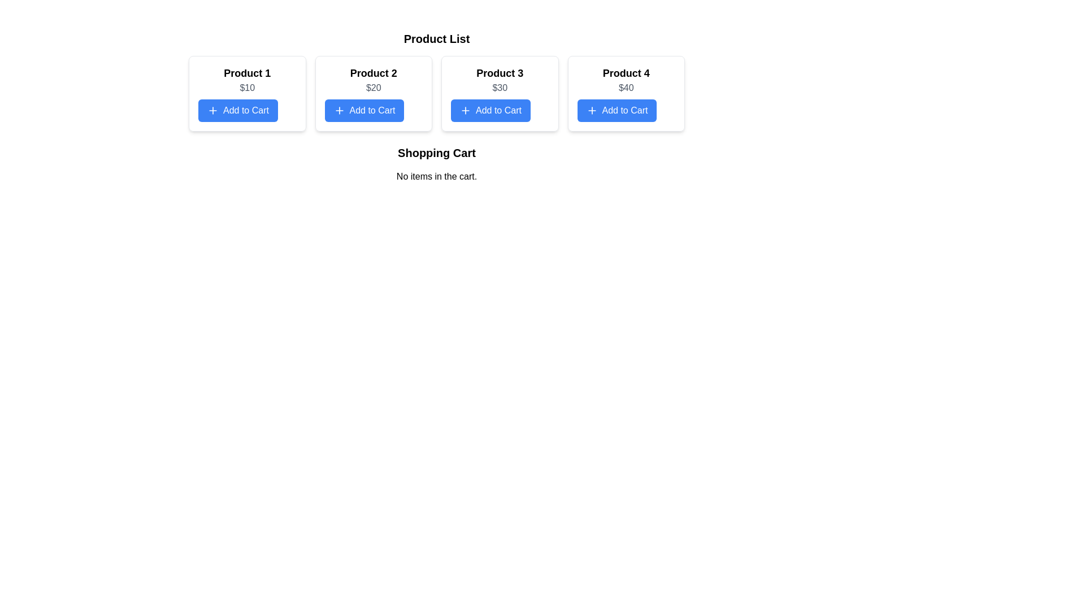  Describe the element at coordinates (338, 111) in the screenshot. I see `the small blue circular button with a white plus sign ('+') in its center, located to the left of the 'Add to Cart' text in the second product's button` at that location.